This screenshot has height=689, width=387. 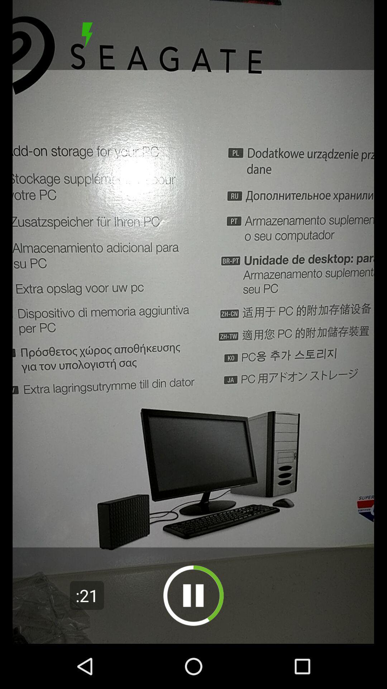 I want to click on the pause icon, so click(x=193, y=595).